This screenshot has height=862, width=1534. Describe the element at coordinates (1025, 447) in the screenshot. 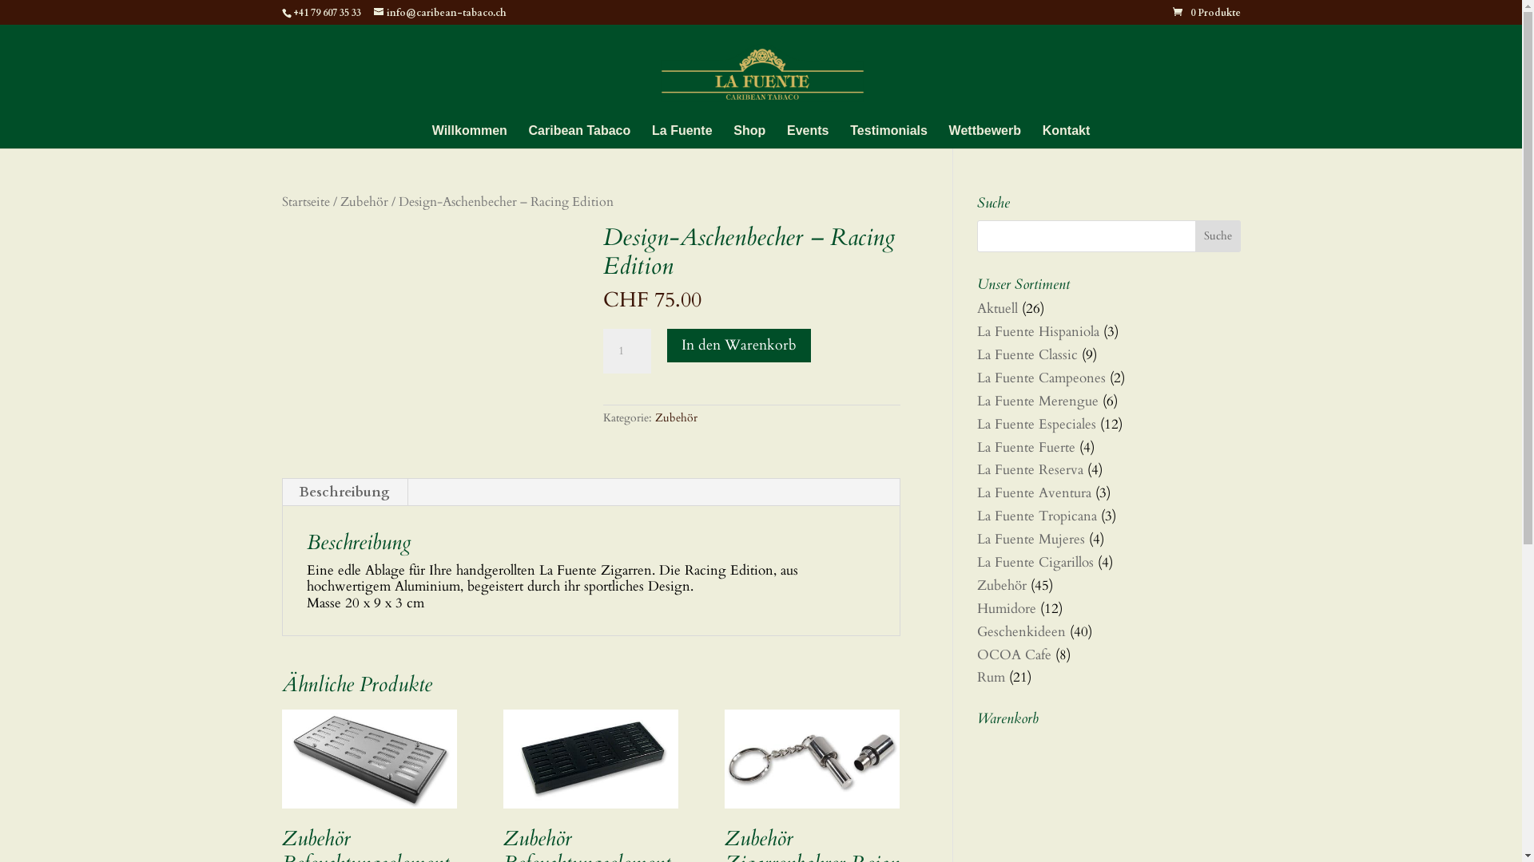

I see `'La Fuente Fuerte'` at that location.